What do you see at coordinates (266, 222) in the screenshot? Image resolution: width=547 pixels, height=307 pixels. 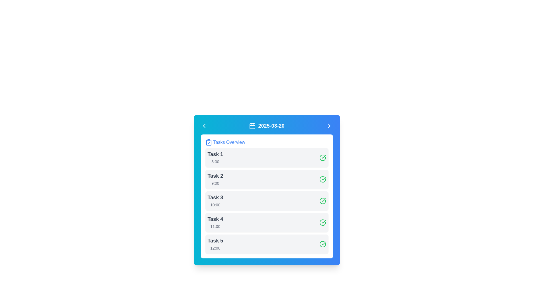 I see `the task entry labeled 'Task 4' in the task scheduling interface` at bounding box center [266, 222].